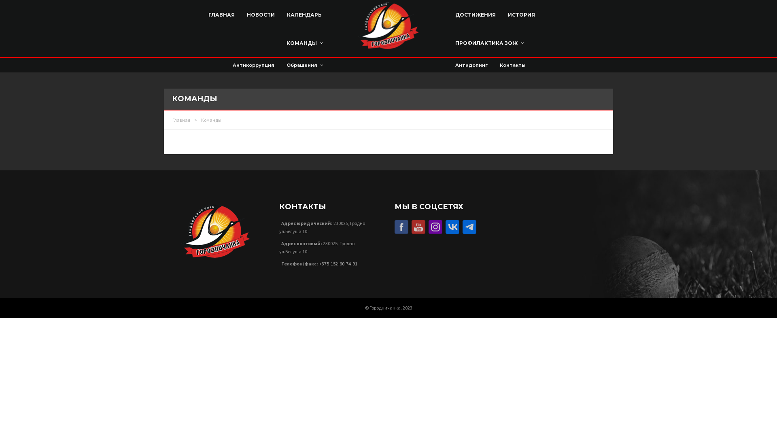  What do you see at coordinates (338, 263) in the screenshot?
I see `'+375-152-60-74-91'` at bounding box center [338, 263].